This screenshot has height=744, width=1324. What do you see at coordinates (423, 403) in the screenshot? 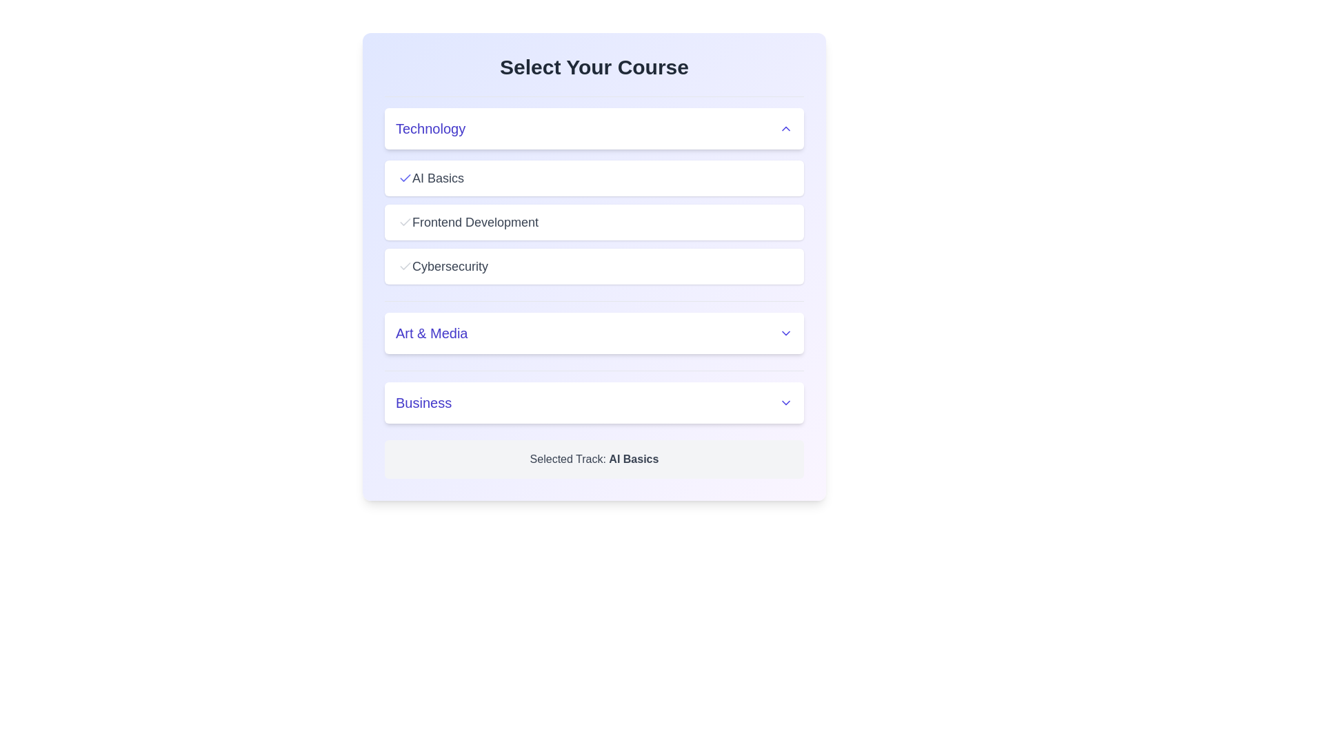
I see `text displayed in the 'Business' label, which is bold, indigo-colored, and located near the bottom section of the form, to the left of a dropdown icon` at bounding box center [423, 403].